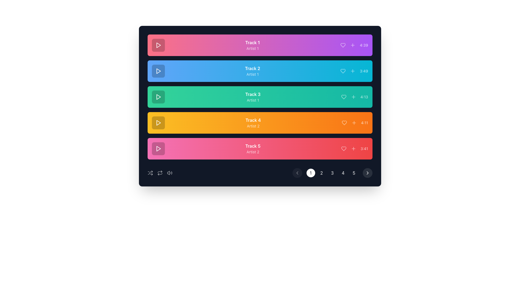 This screenshot has width=519, height=291. Describe the element at coordinates (158, 96) in the screenshot. I see `the play button icon in the green section of the 'Track 3' row` at that location.